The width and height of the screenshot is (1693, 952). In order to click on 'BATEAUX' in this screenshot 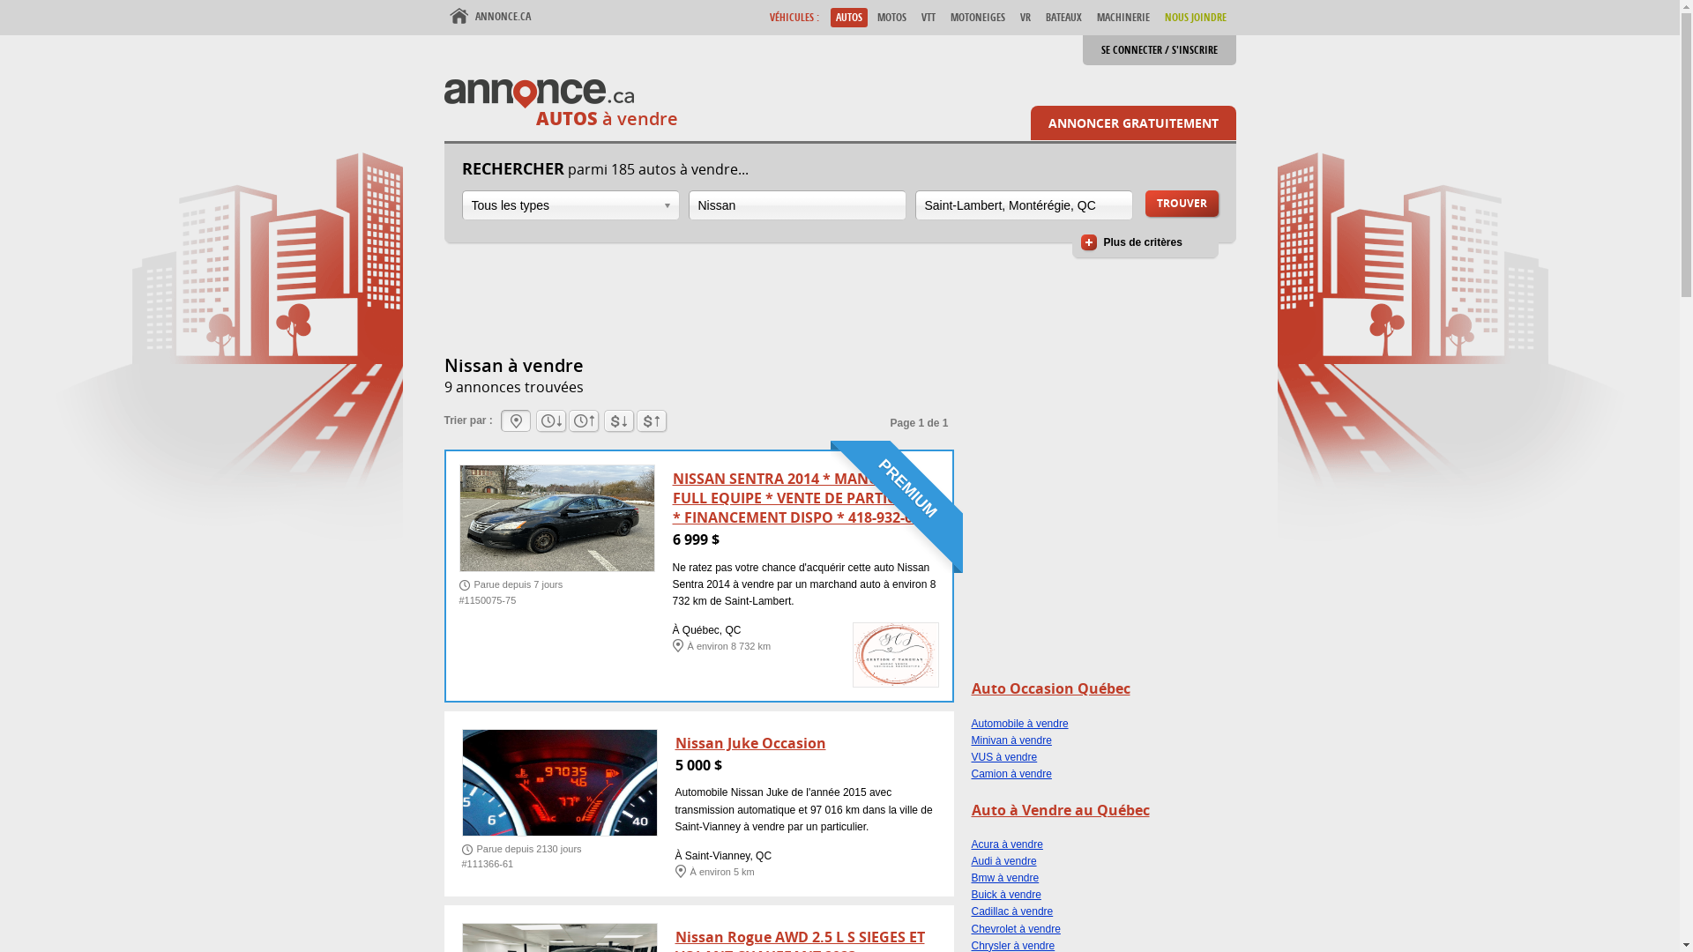, I will do `click(1040, 17)`.